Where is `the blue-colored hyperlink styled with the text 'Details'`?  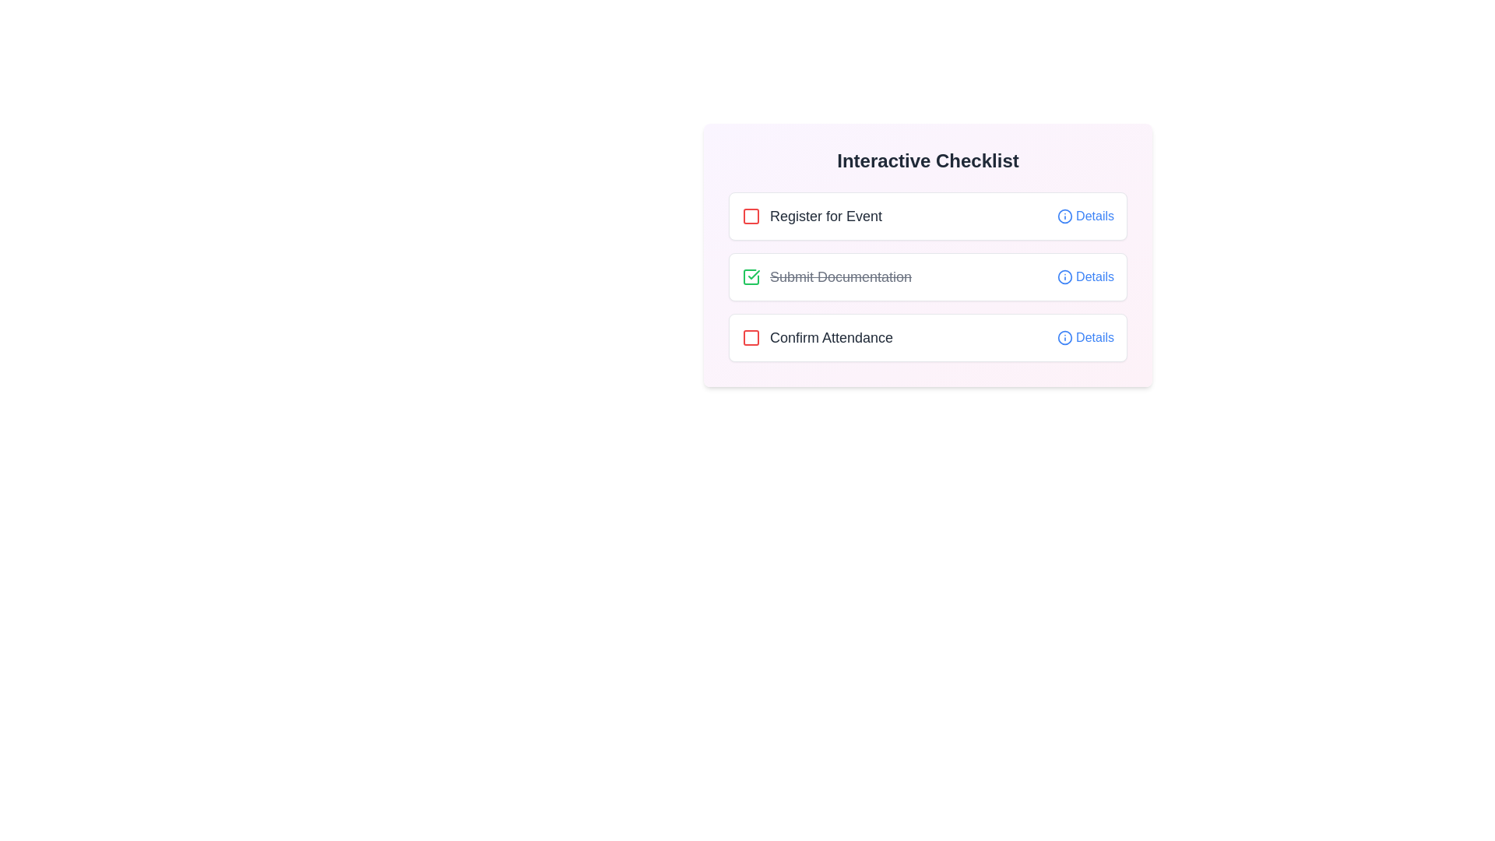
the blue-colored hyperlink styled with the text 'Details' is located at coordinates (1094, 216).